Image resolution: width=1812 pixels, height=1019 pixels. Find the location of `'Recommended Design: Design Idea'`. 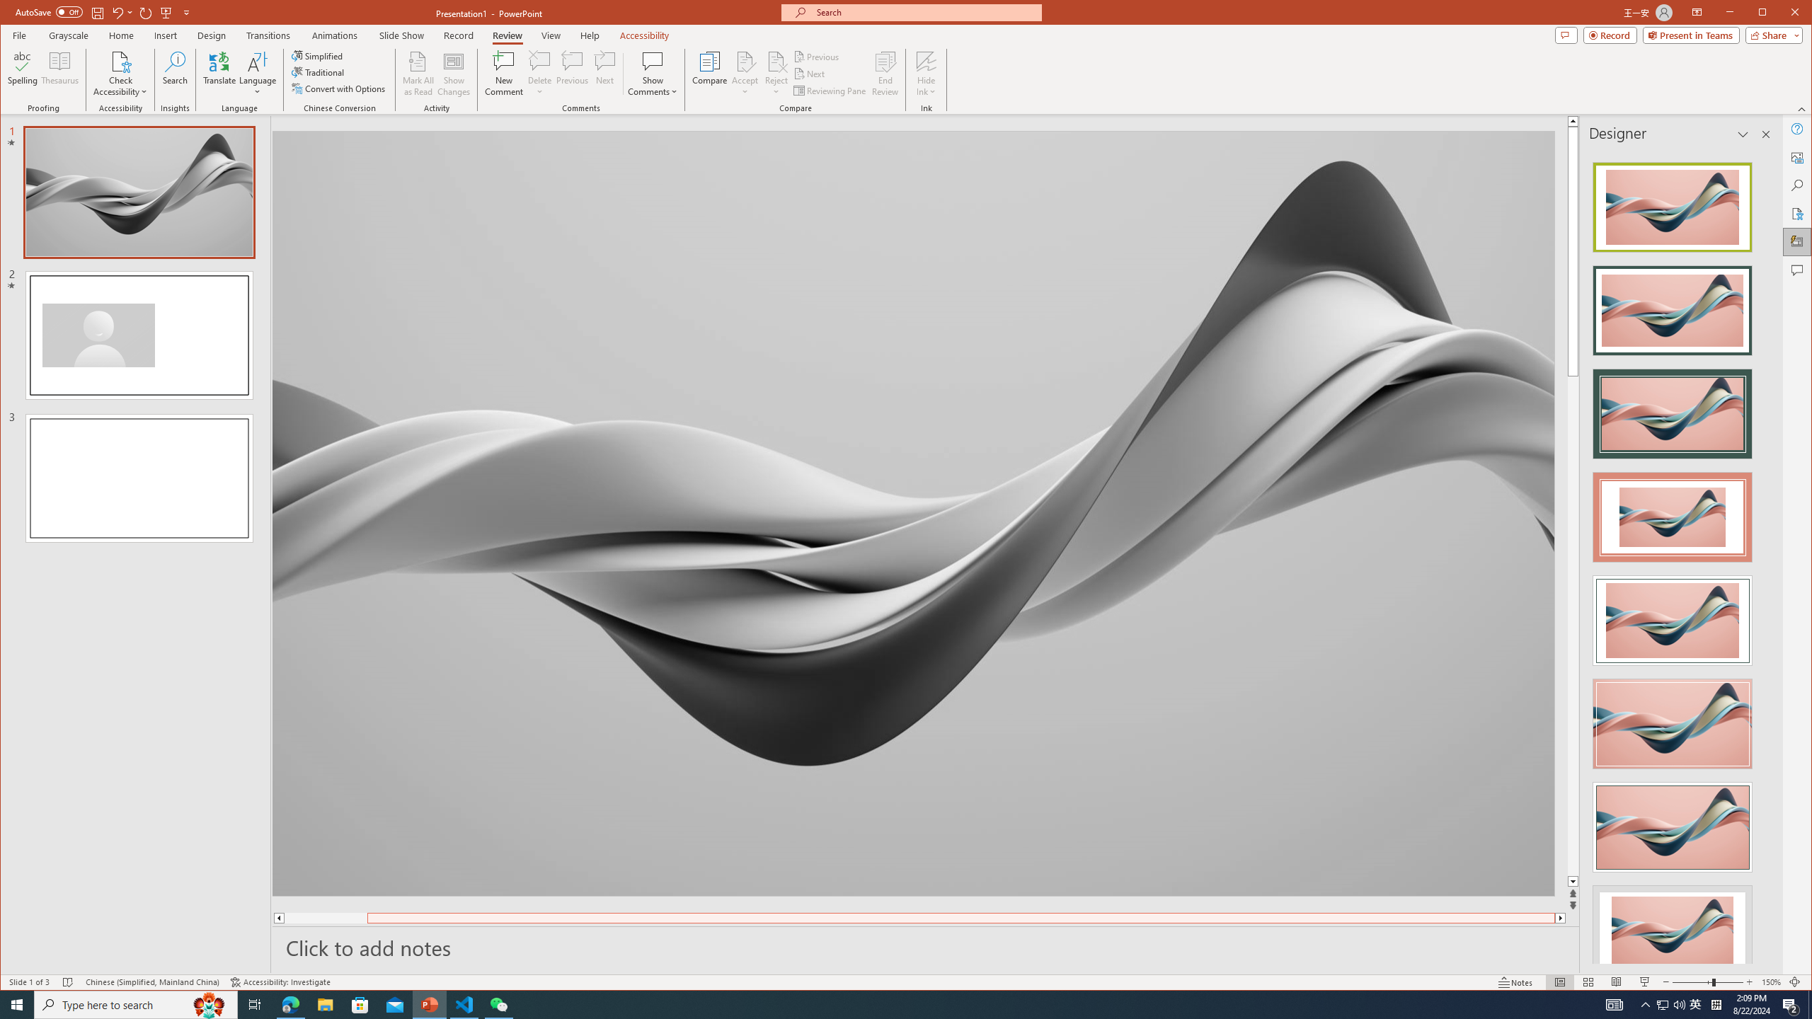

'Recommended Design: Design Idea' is located at coordinates (1671, 203).